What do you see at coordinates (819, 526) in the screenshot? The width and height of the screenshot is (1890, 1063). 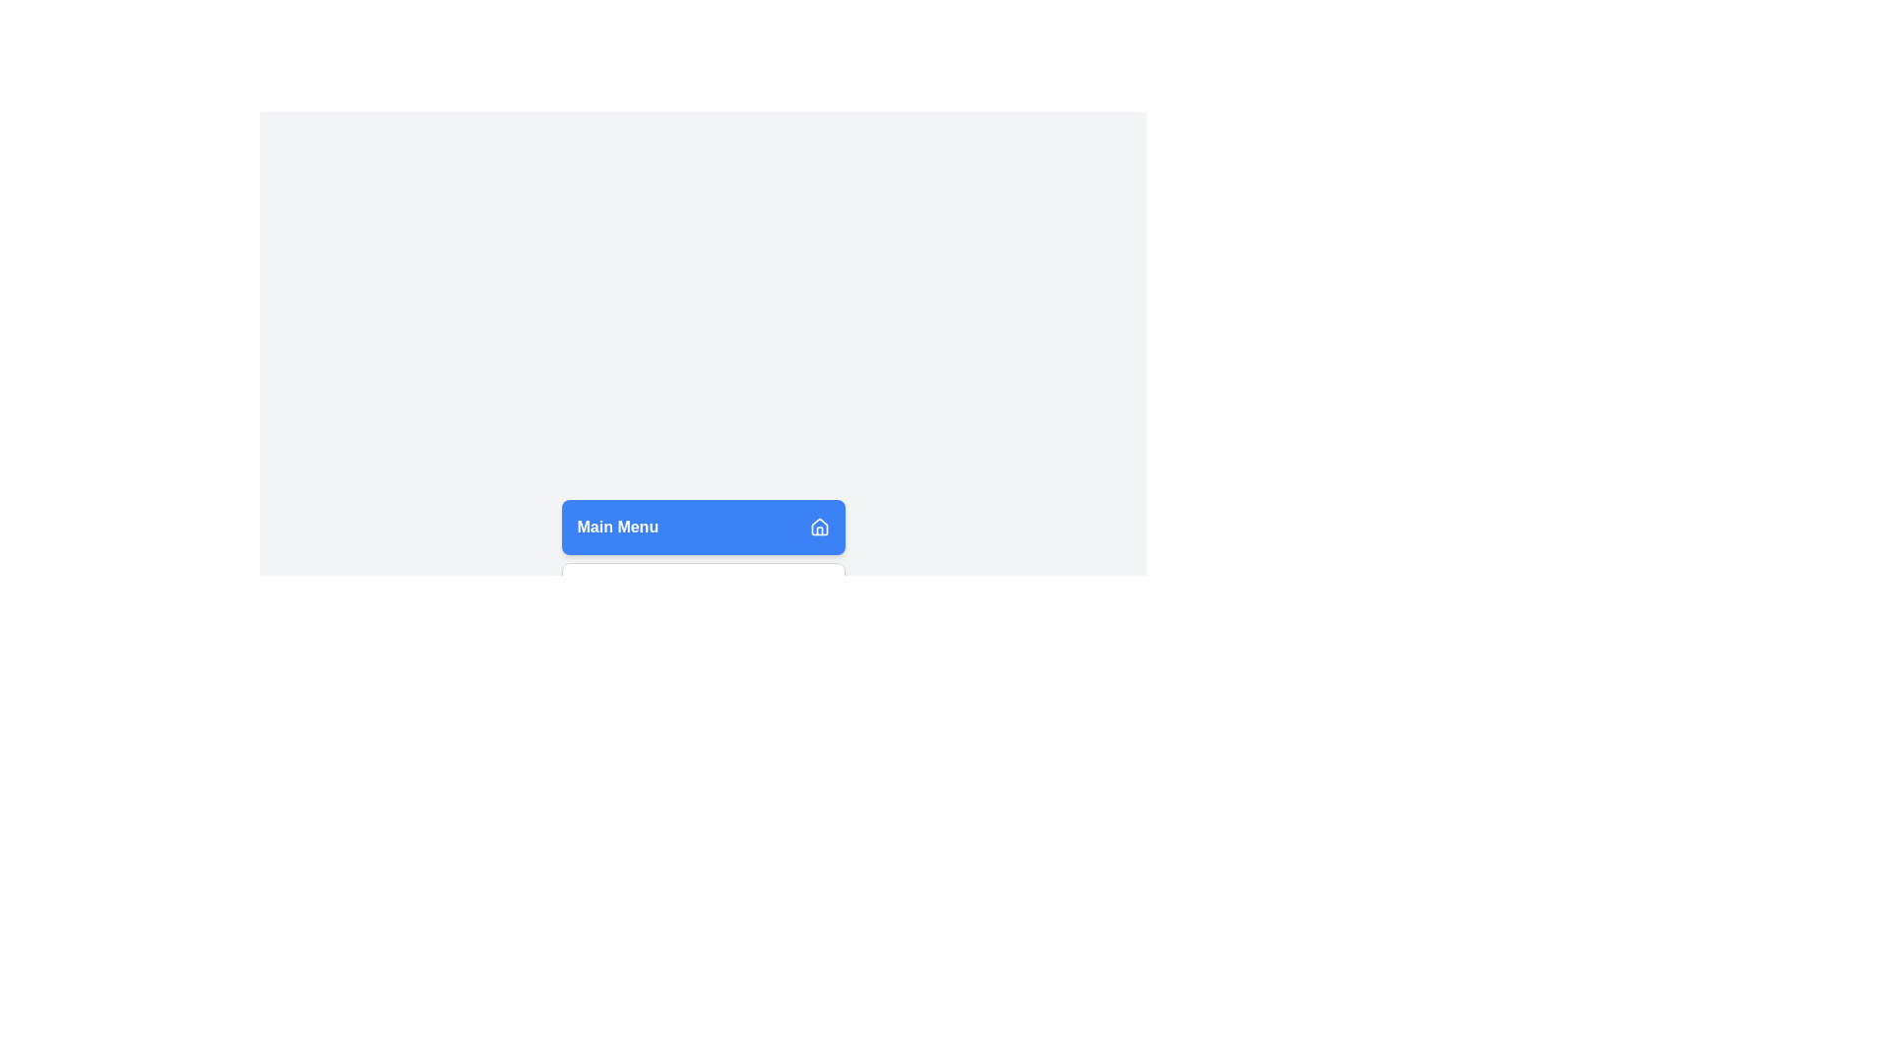 I see `the home icon SVG element located to the far right of the 'Main Menu' section with a blue background` at bounding box center [819, 526].